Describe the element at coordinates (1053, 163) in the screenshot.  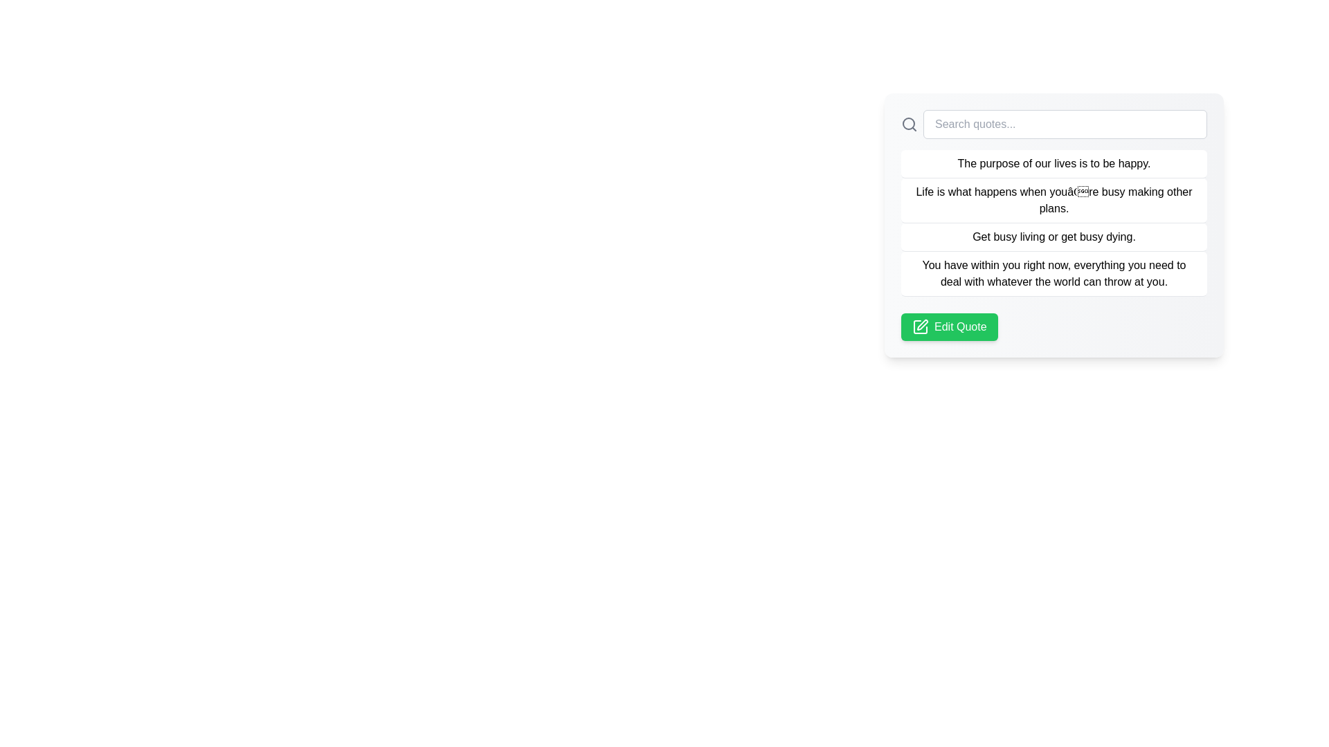
I see `the textual display element that contains the sentence 'The purpose of our lives is to be happy.' which is styled with a light background and rounded rectangle shape` at that location.